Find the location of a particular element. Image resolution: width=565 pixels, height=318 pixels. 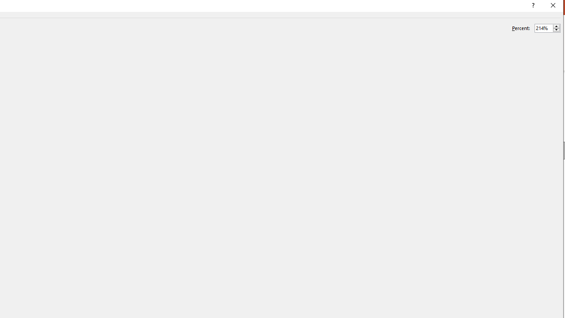

'More' is located at coordinates (556, 26).